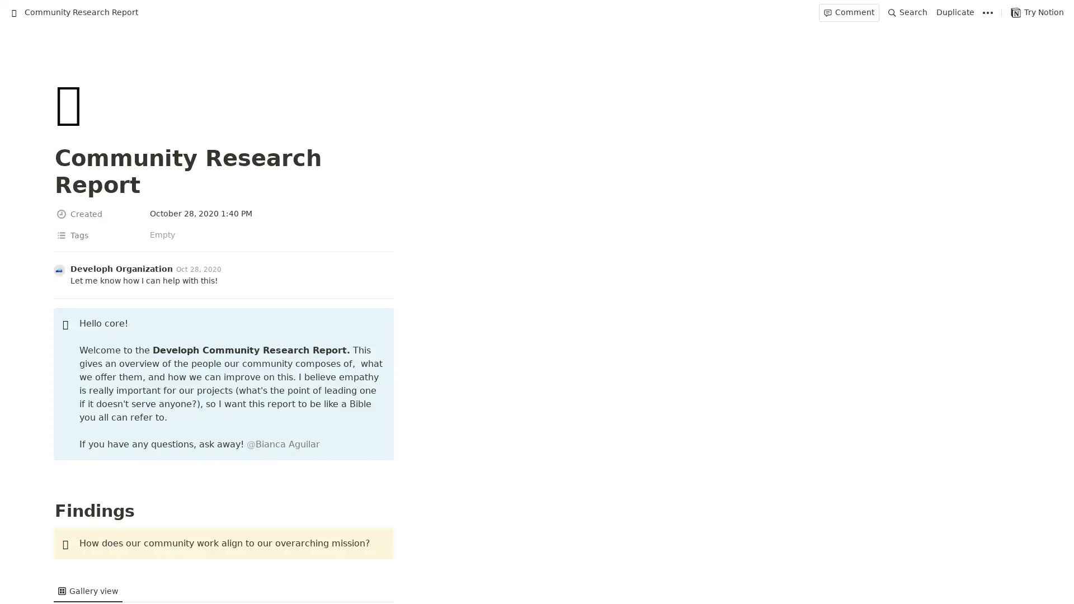 The width and height of the screenshot is (1074, 604). Describe the element at coordinates (955, 12) in the screenshot. I see `Duplicate` at that location.